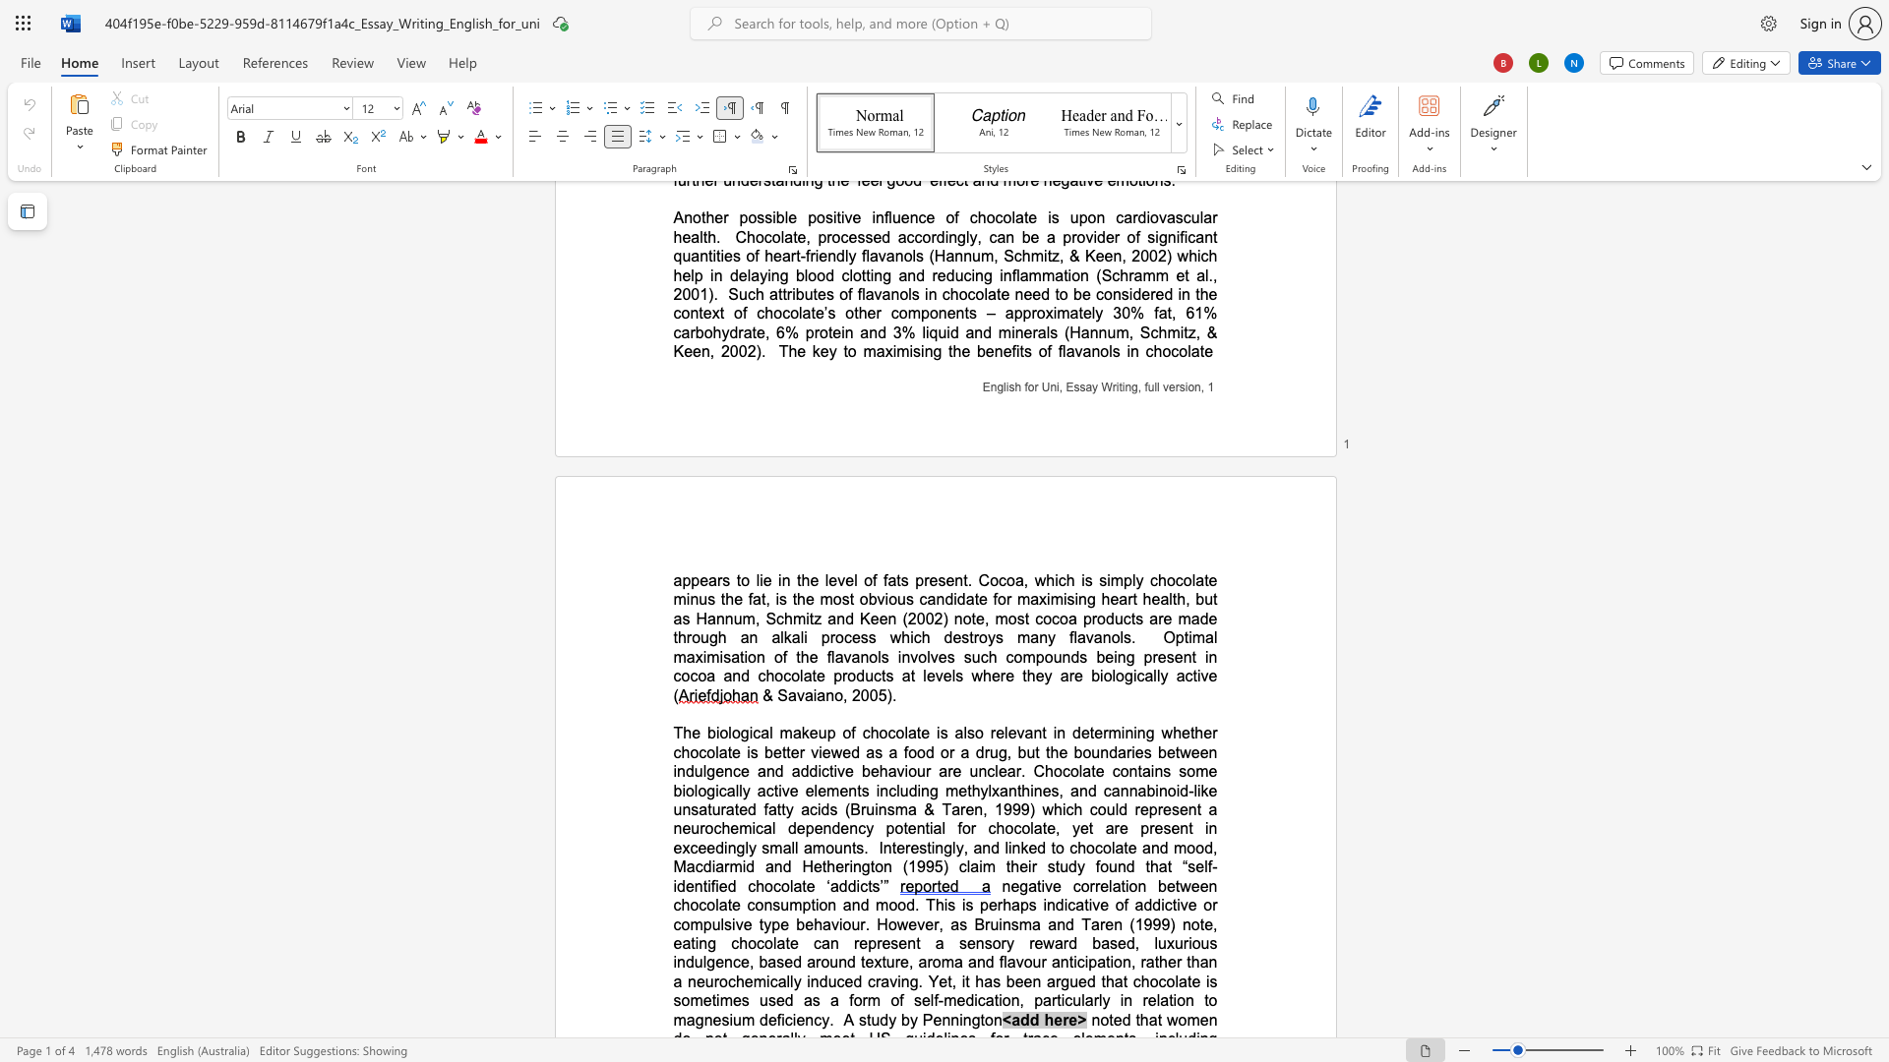 The width and height of the screenshot is (1889, 1062). I want to click on the 4th character "m" in the text, so click(1047, 275).